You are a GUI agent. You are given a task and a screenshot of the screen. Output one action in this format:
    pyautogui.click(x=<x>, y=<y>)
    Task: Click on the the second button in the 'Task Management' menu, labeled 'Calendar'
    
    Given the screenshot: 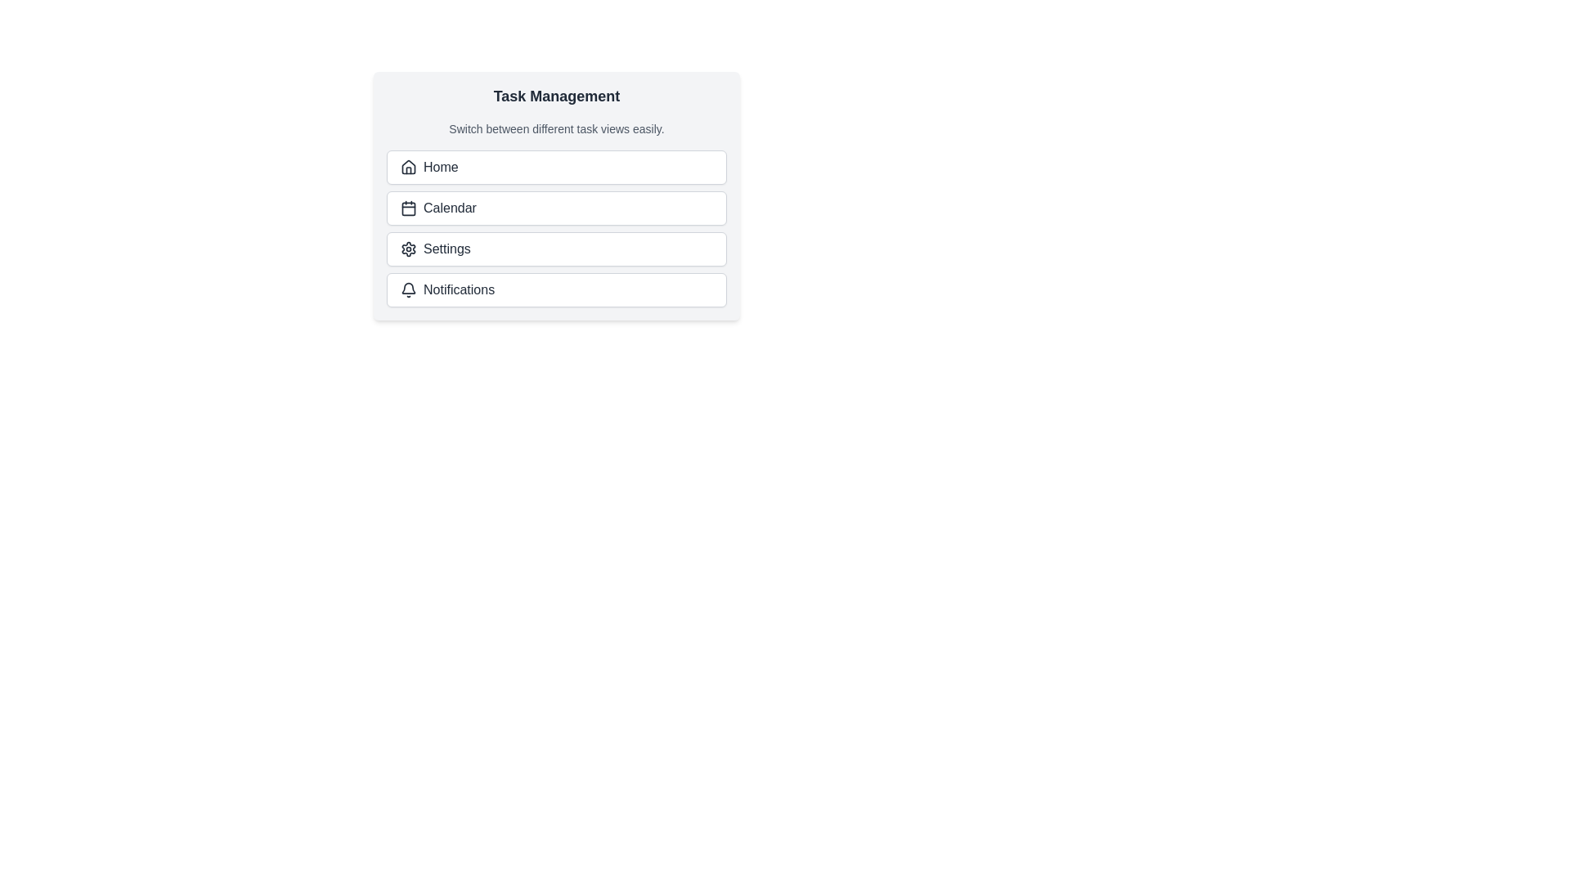 What is the action you would take?
    pyautogui.click(x=557, y=195)
    